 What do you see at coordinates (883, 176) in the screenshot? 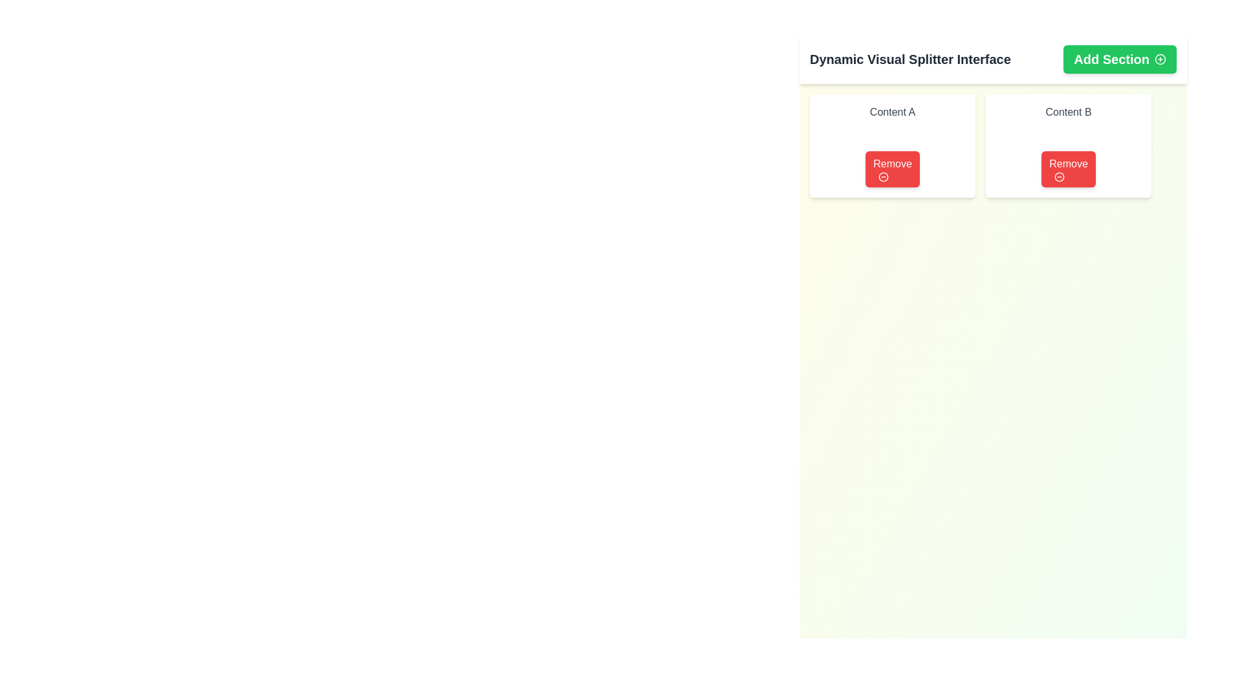
I see `the 'remove' icon located inside the 'Remove' button at the bottom center of the 'Content A' card` at bounding box center [883, 176].